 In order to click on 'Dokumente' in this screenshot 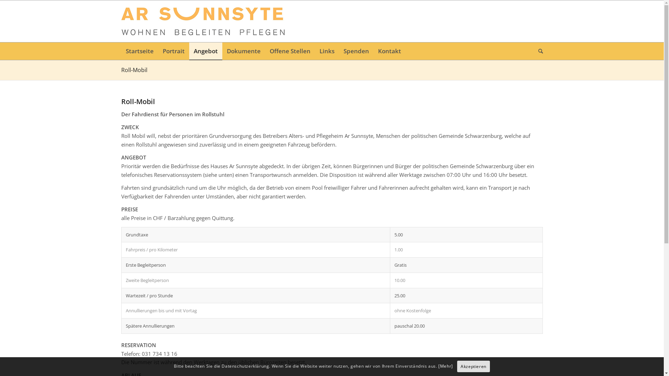, I will do `click(222, 50)`.